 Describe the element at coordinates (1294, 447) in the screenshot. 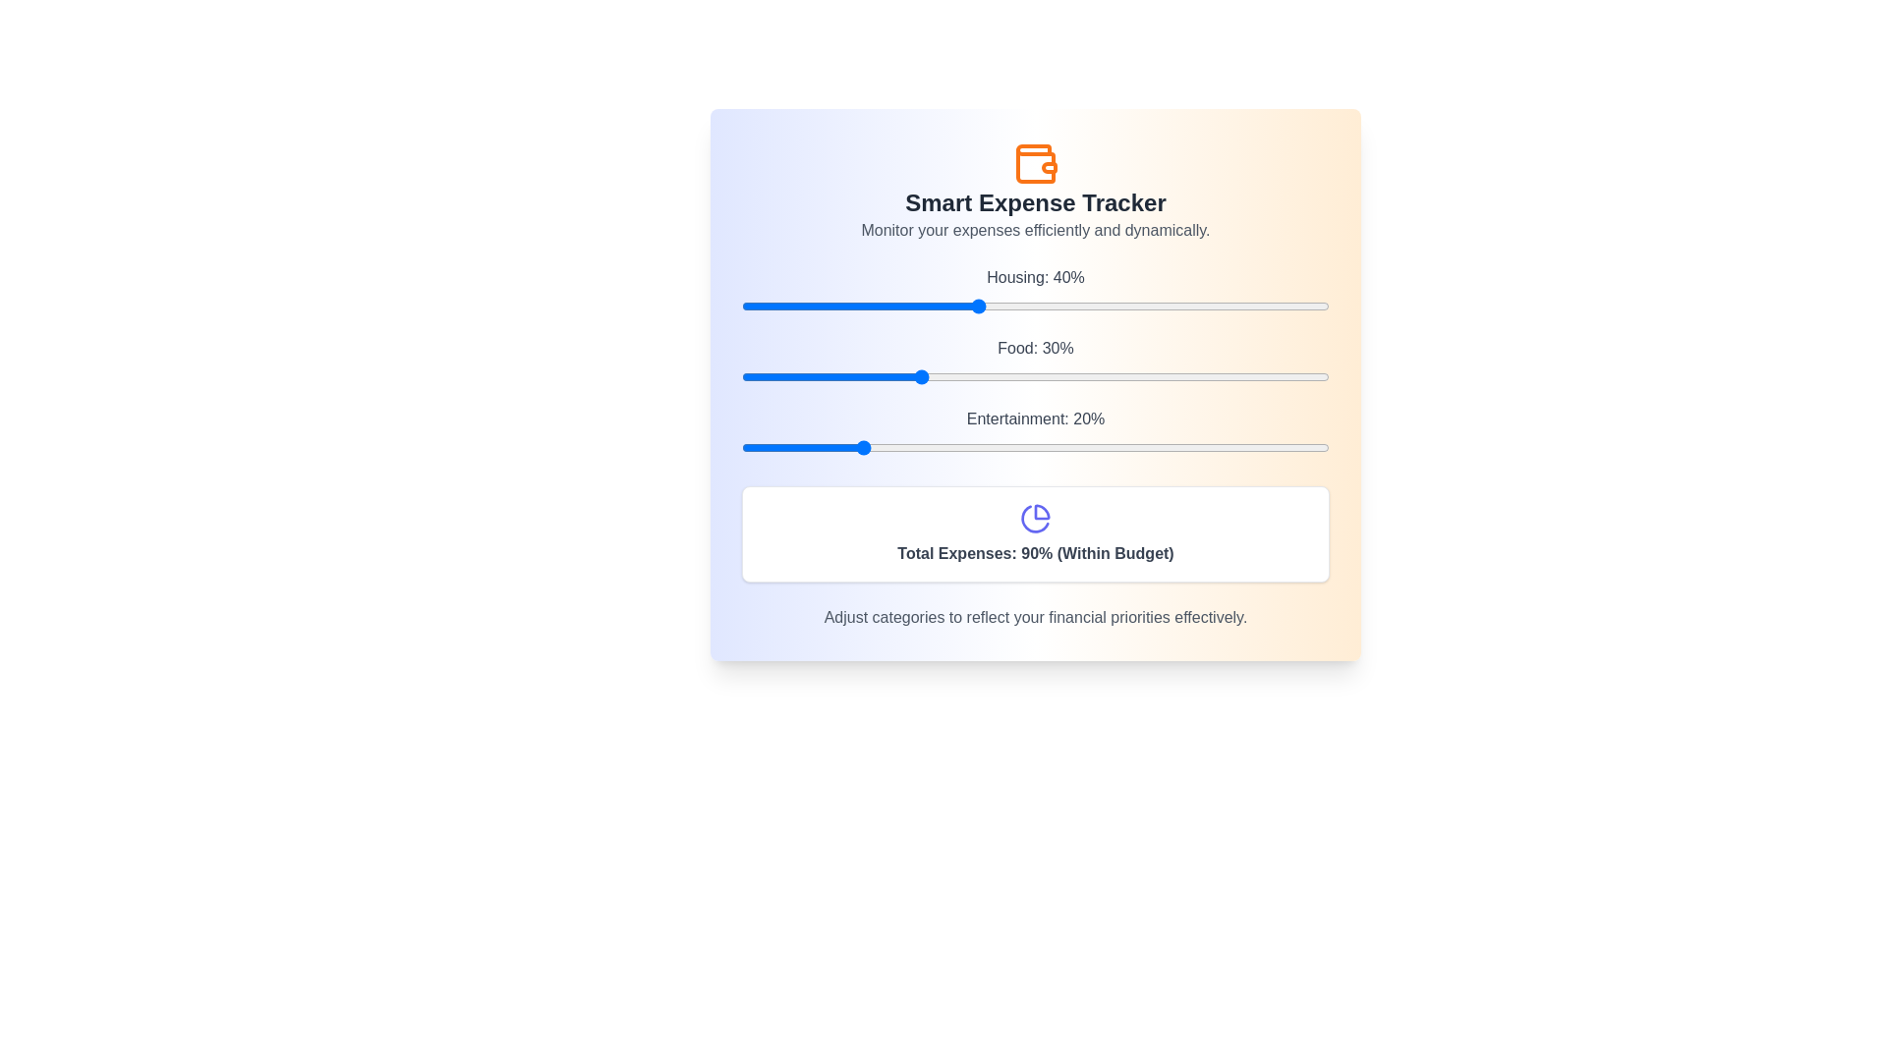

I see `the Entertainment slider to 94%` at that location.